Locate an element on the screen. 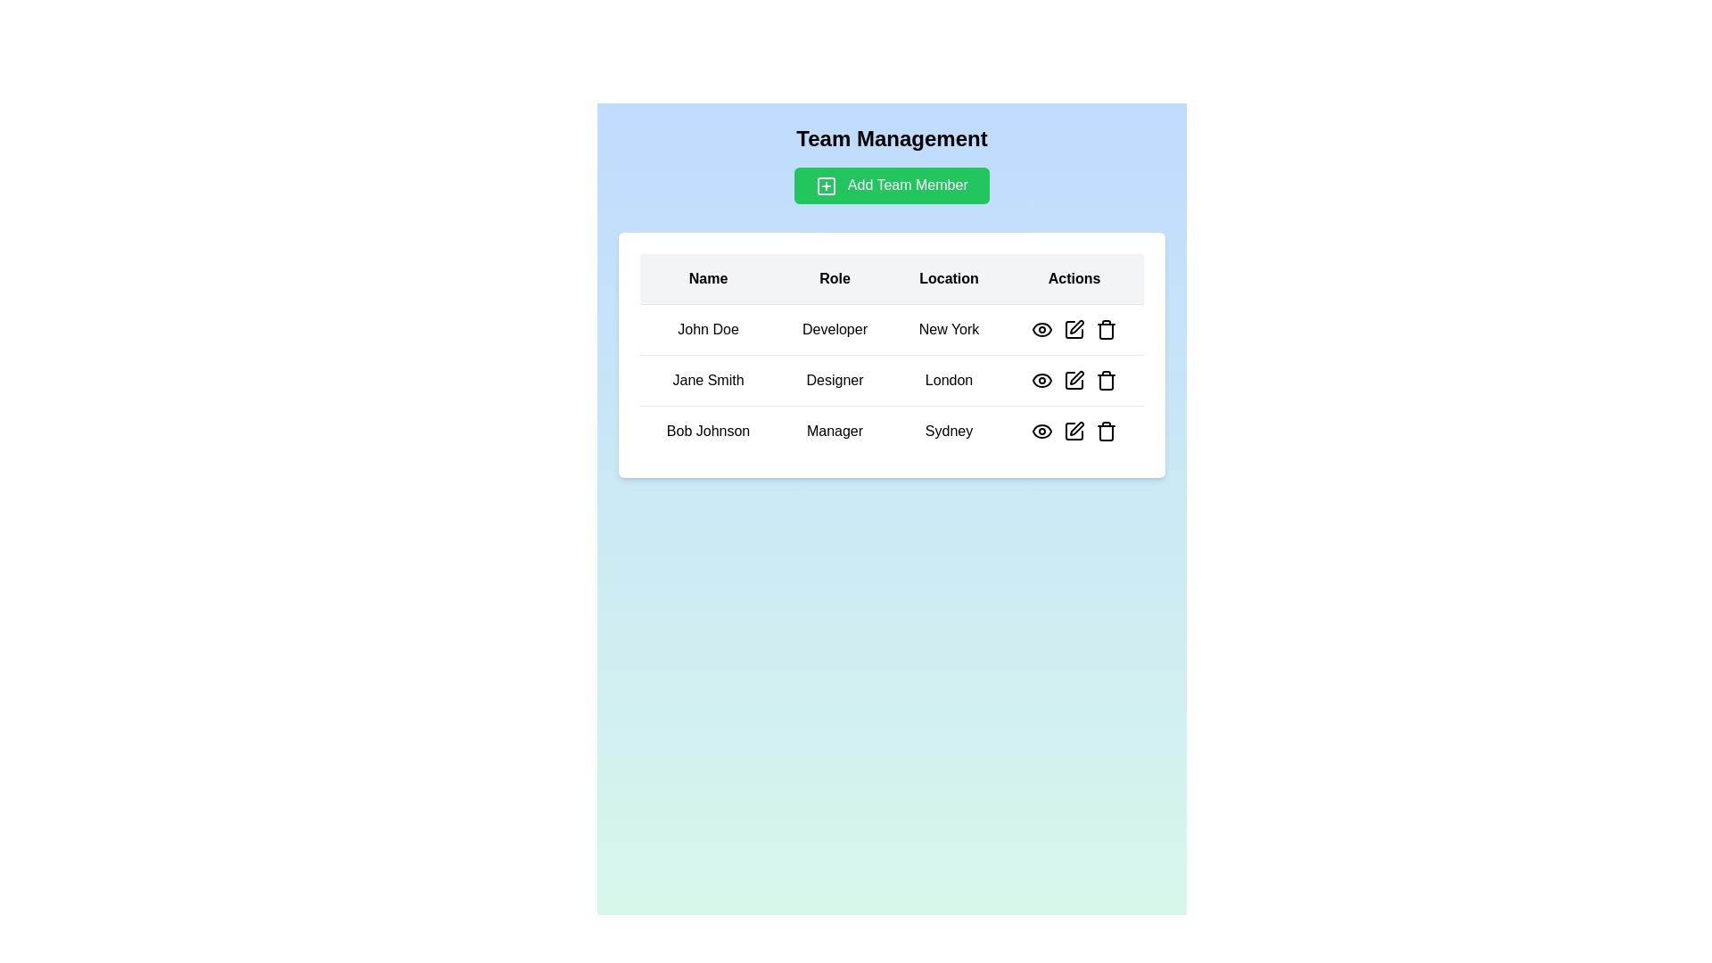  the 'edit' action icon located in the second row of the table, corresponding to 'Jane Smith', to initiate the edit action is located at coordinates (1073, 379).